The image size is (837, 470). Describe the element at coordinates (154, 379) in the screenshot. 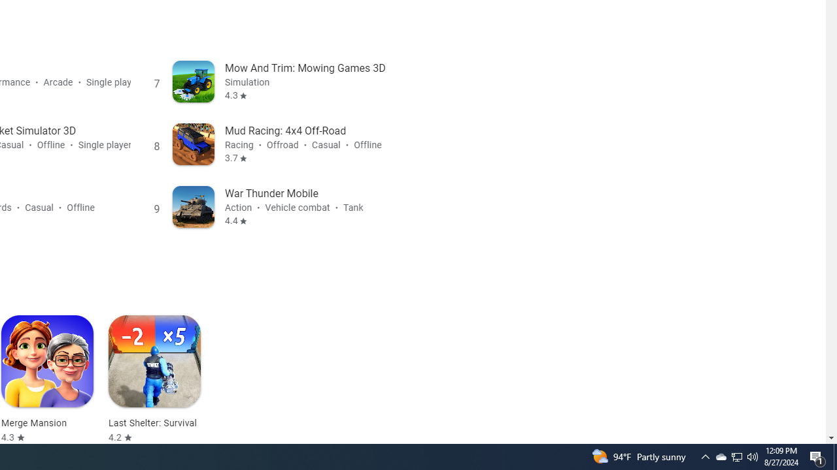

I see `'Last Shelter: Survival Rated 4.2 stars out of five stars'` at that location.